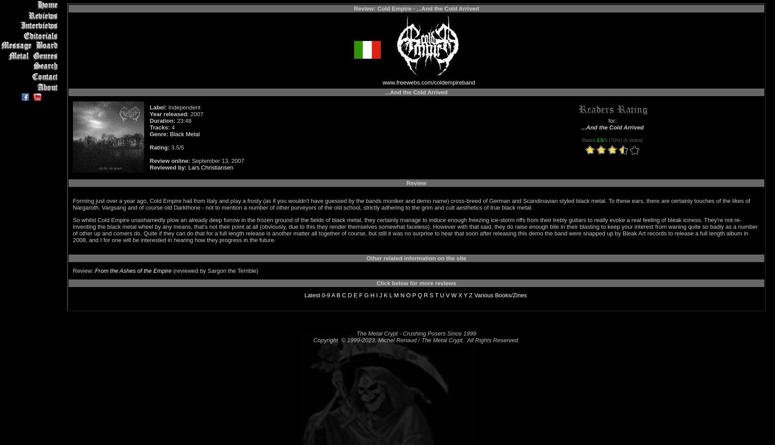 The width and height of the screenshot is (775, 445). Describe the element at coordinates (465, 295) in the screenshot. I see `'Y'` at that location.